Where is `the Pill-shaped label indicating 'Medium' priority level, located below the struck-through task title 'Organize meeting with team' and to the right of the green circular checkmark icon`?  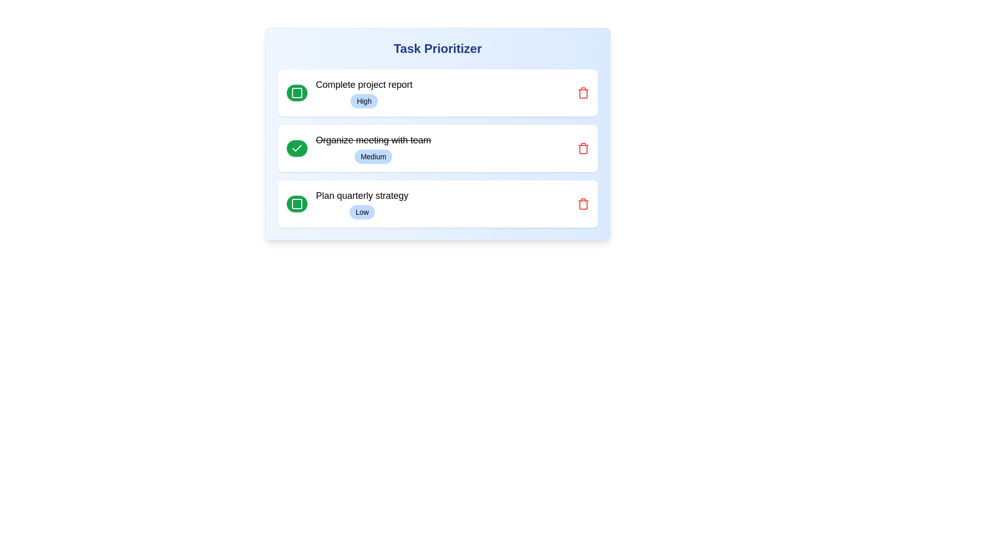 the Pill-shaped label indicating 'Medium' priority level, located below the struck-through task title 'Organize meeting with team' and to the right of the green circular checkmark icon is located at coordinates (373, 156).